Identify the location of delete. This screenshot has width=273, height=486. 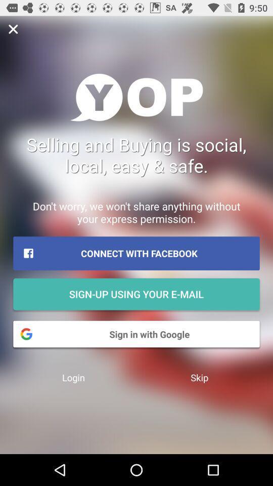
(13, 28).